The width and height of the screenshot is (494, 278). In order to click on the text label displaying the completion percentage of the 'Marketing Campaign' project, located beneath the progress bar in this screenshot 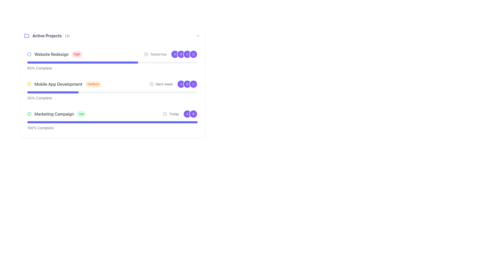, I will do `click(112, 126)`.